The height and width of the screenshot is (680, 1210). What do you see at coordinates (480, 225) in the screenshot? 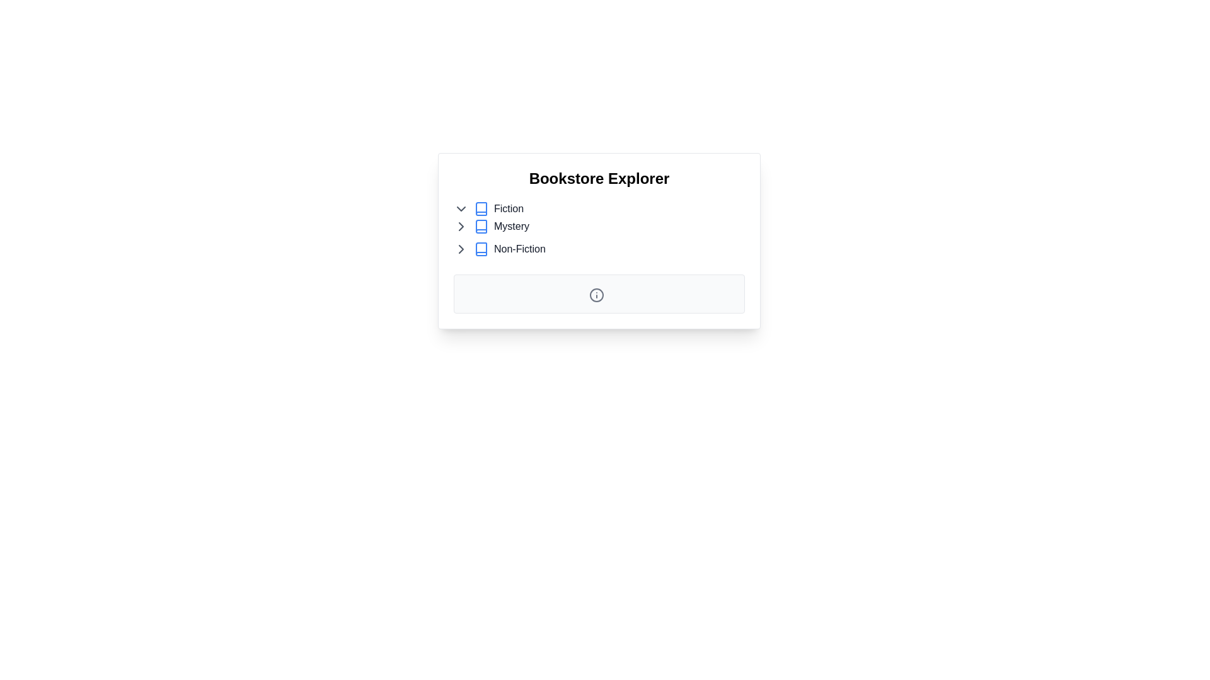
I see `the small blue book icon with rounded edges located to the left of the text label 'Mystery'` at bounding box center [480, 225].